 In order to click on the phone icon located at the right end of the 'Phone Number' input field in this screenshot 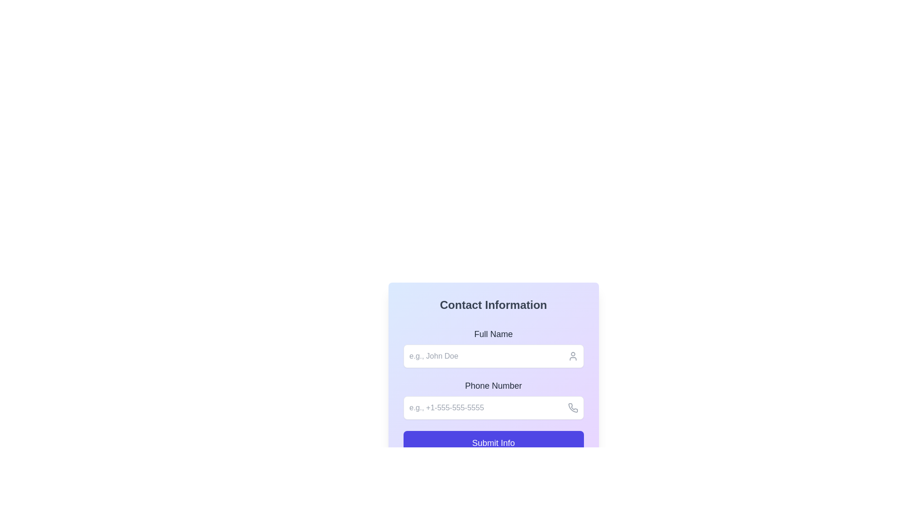, I will do `click(572, 407)`.